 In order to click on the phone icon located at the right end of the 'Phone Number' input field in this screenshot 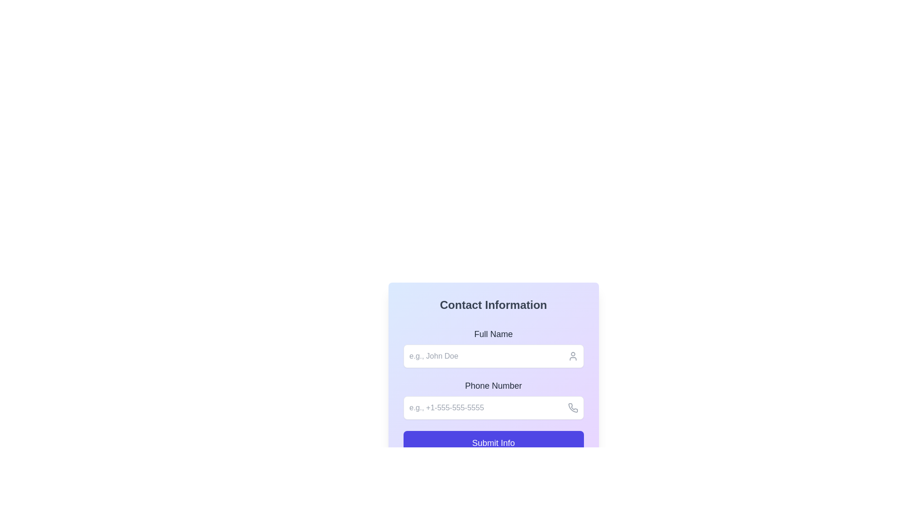, I will do `click(572, 407)`.